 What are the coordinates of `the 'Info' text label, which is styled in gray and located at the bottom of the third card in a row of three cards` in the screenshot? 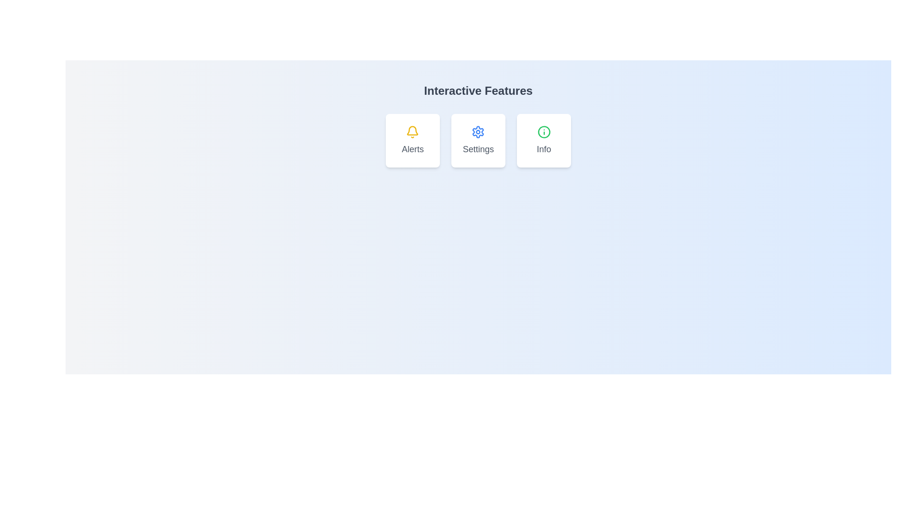 It's located at (544, 149).